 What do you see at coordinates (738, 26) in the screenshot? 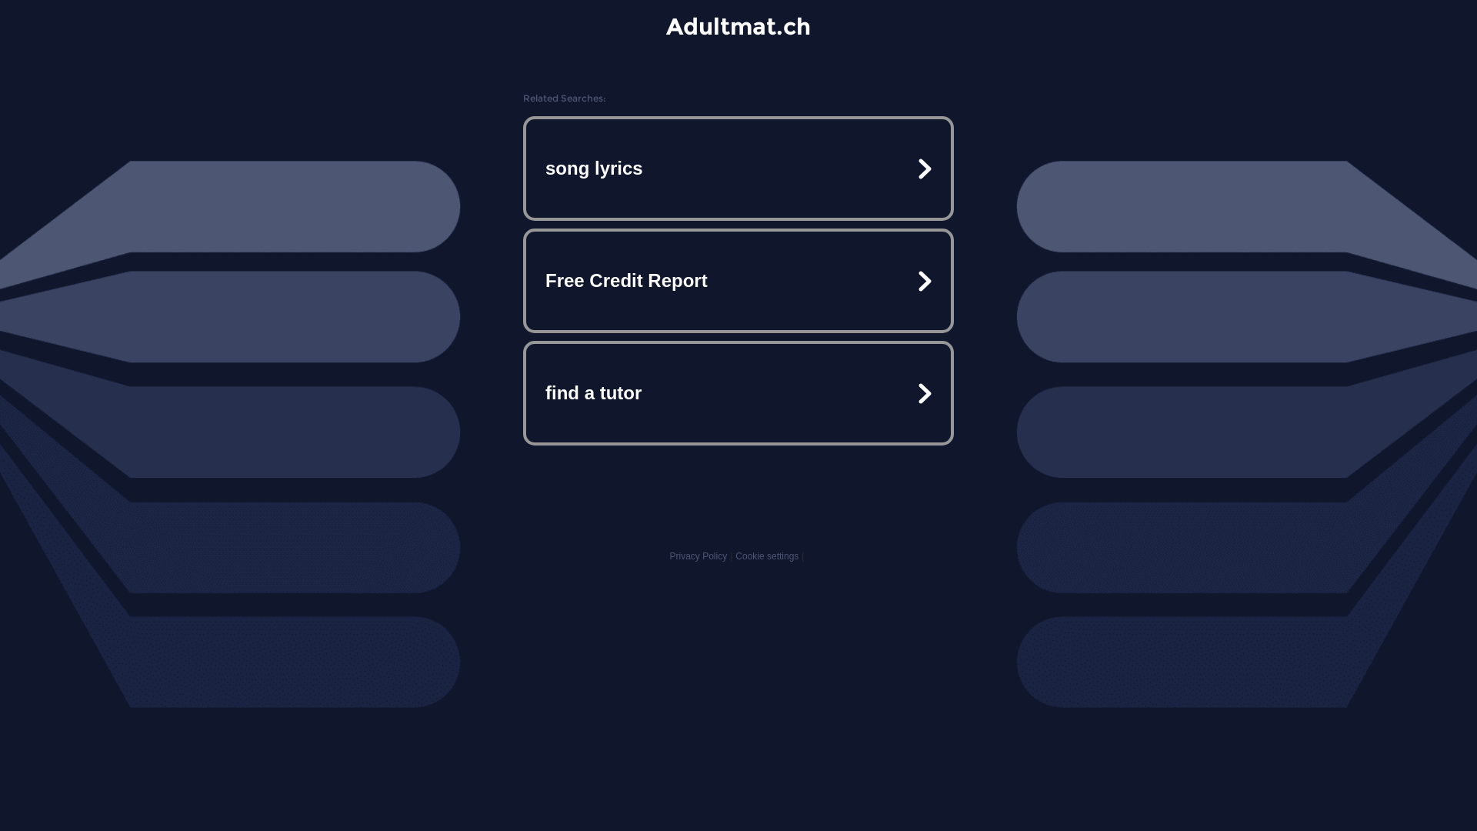
I see `'Adultmat.ch'` at bounding box center [738, 26].